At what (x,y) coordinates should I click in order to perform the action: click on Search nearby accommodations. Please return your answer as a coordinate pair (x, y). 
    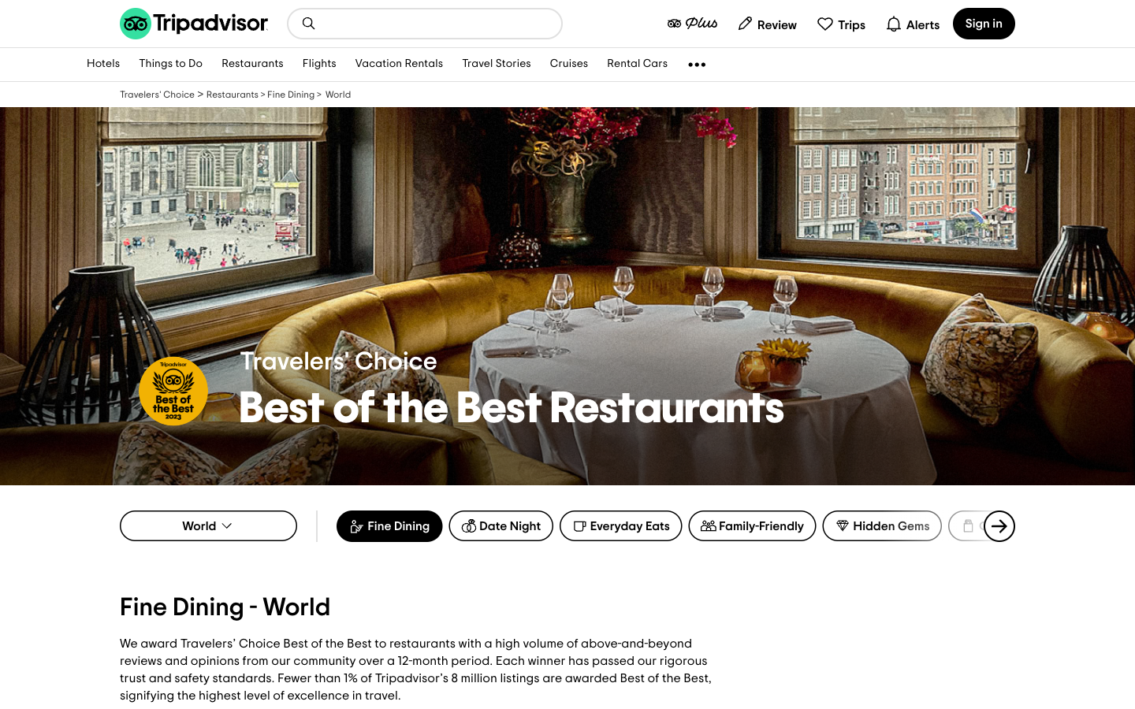
    Looking at the image, I should click on (307, 22).